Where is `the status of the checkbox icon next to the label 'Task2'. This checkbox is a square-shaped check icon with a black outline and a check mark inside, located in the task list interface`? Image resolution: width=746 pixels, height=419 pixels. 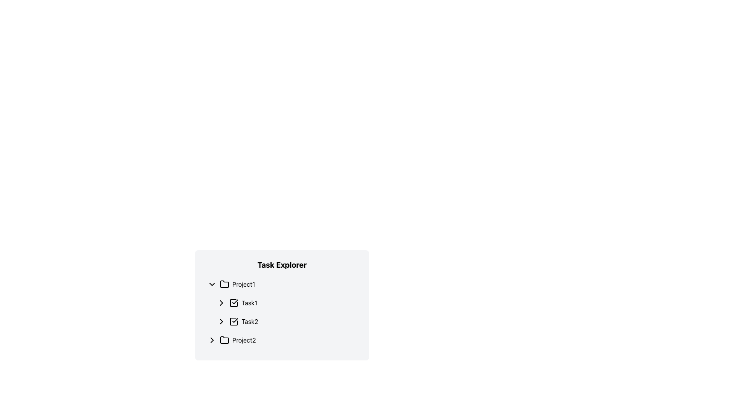
the status of the checkbox icon next to the label 'Task2'. This checkbox is a square-shaped check icon with a black outline and a check mark inside, located in the task list interface is located at coordinates (233, 322).